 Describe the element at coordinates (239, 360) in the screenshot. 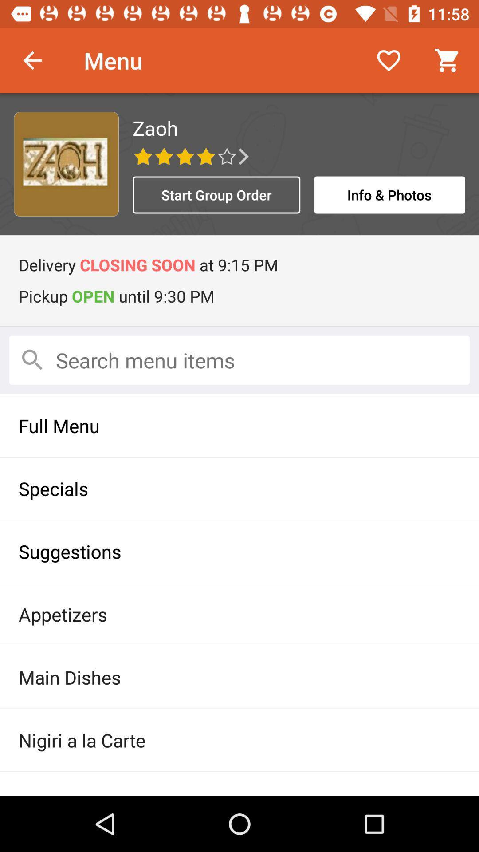

I see `search items` at that location.